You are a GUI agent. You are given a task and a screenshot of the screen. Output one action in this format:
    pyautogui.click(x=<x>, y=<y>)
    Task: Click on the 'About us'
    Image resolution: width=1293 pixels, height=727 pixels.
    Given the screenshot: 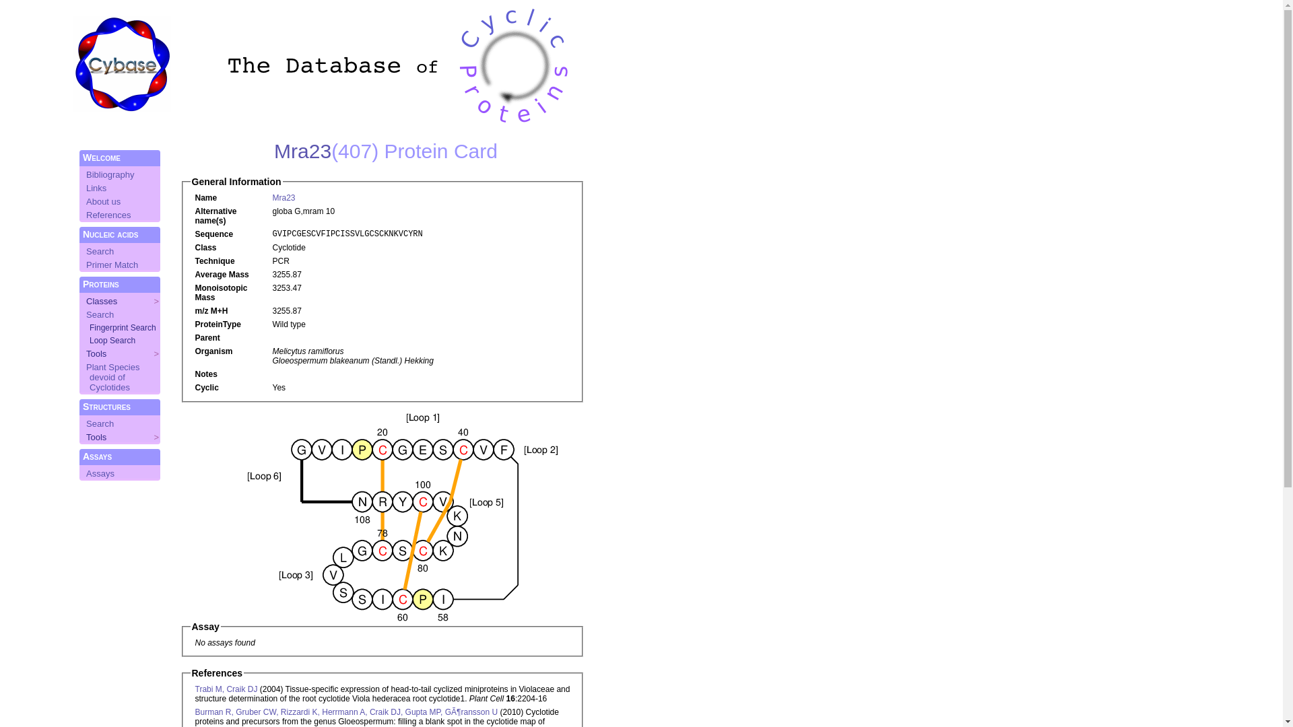 What is the action you would take?
    pyautogui.click(x=86, y=201)
    